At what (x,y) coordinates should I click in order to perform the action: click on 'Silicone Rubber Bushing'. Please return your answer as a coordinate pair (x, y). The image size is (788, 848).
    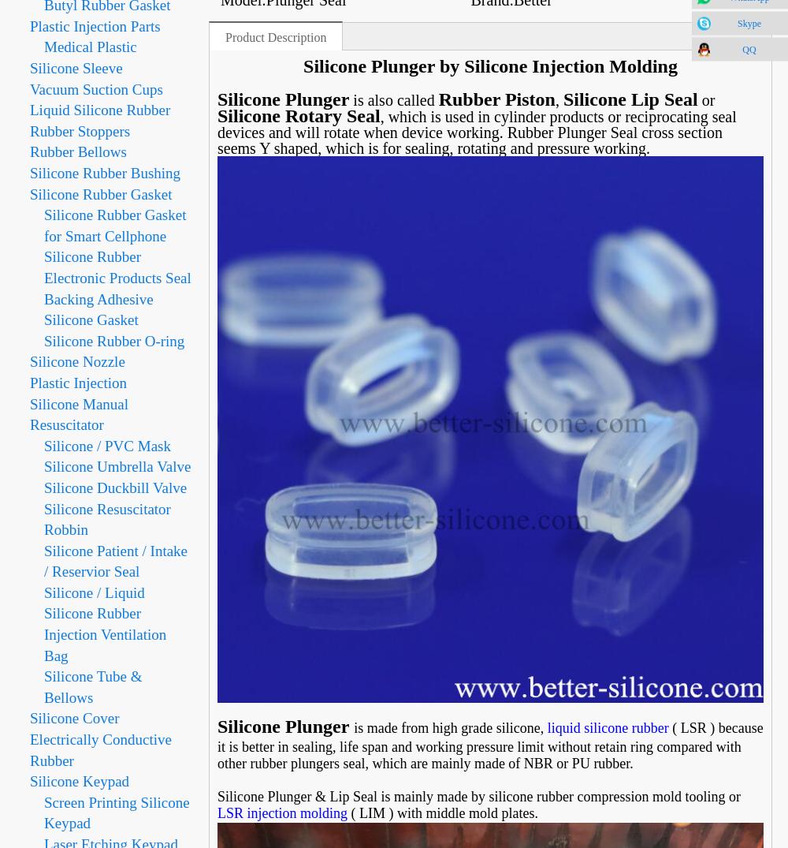
    Looking at the image, I should click on (105, 172).